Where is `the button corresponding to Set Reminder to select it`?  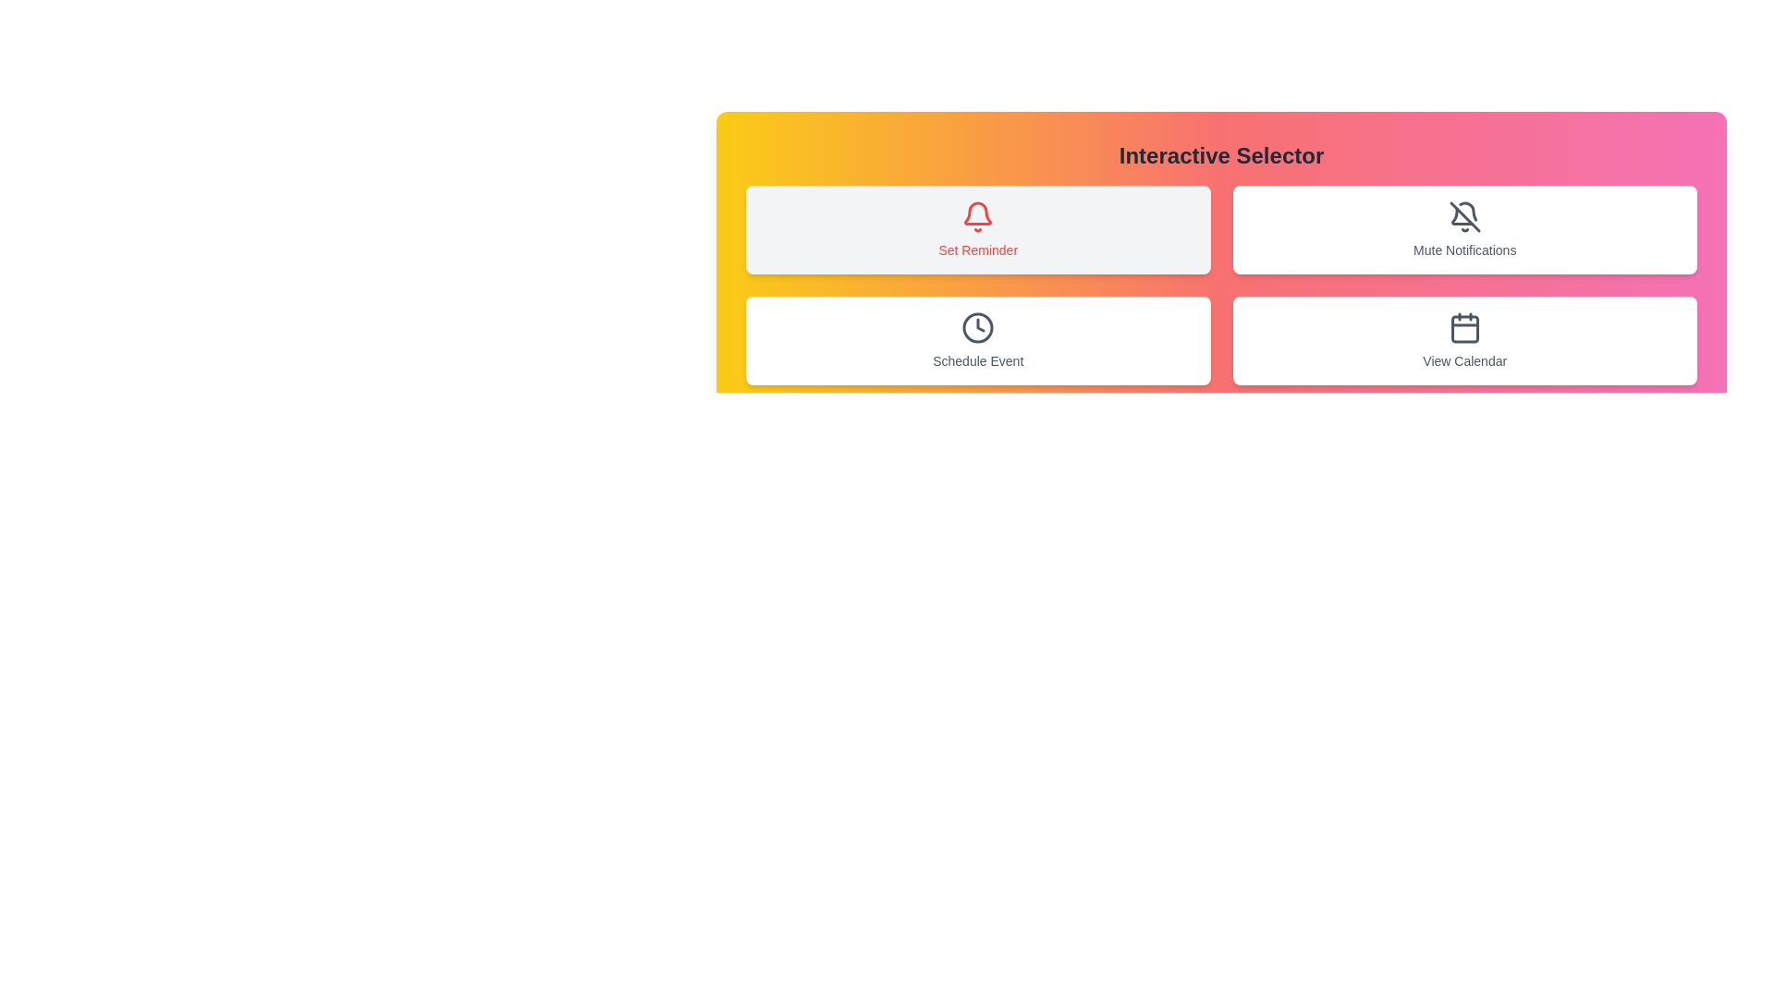 the button corresponding to Set Reminder to select it is located at coordinates (977, 229).